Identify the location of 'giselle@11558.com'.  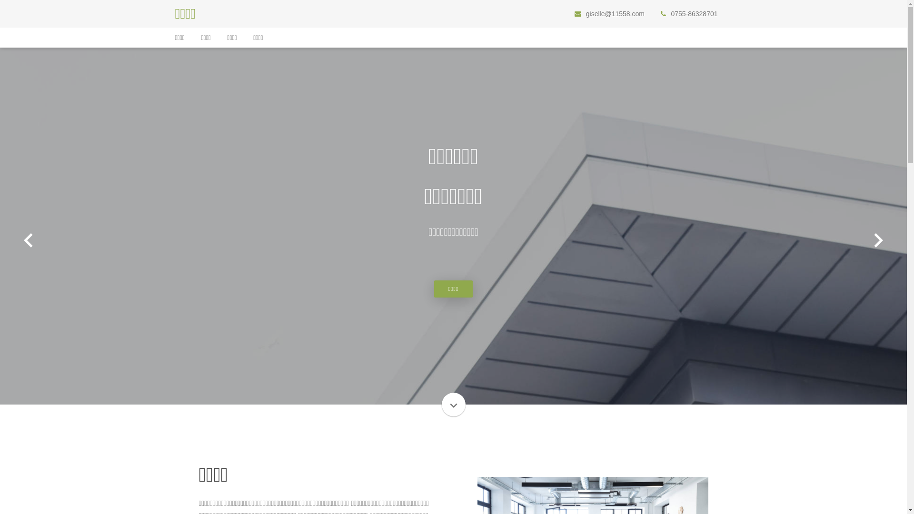
(615, 14).